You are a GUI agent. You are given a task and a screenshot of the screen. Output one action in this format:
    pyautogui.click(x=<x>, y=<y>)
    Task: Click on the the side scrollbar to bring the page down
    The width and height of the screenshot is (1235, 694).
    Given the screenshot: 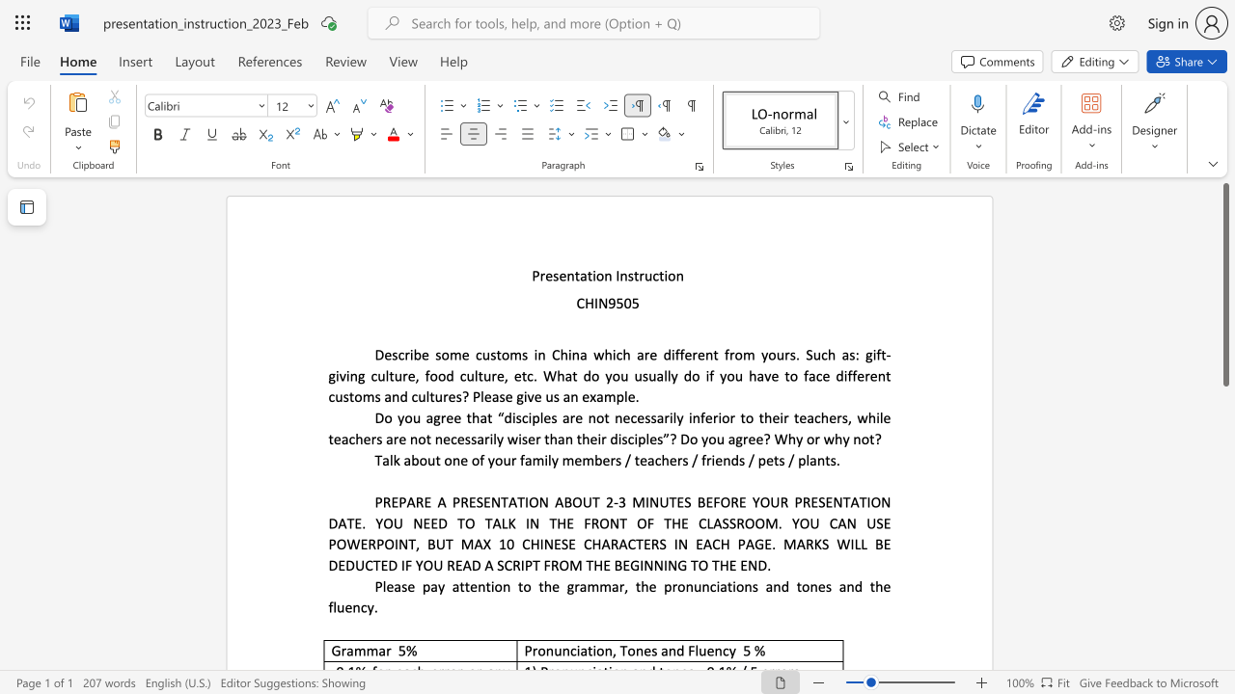 What is the action you would take?
    pyautogui.click(x=1224, y=646)
    